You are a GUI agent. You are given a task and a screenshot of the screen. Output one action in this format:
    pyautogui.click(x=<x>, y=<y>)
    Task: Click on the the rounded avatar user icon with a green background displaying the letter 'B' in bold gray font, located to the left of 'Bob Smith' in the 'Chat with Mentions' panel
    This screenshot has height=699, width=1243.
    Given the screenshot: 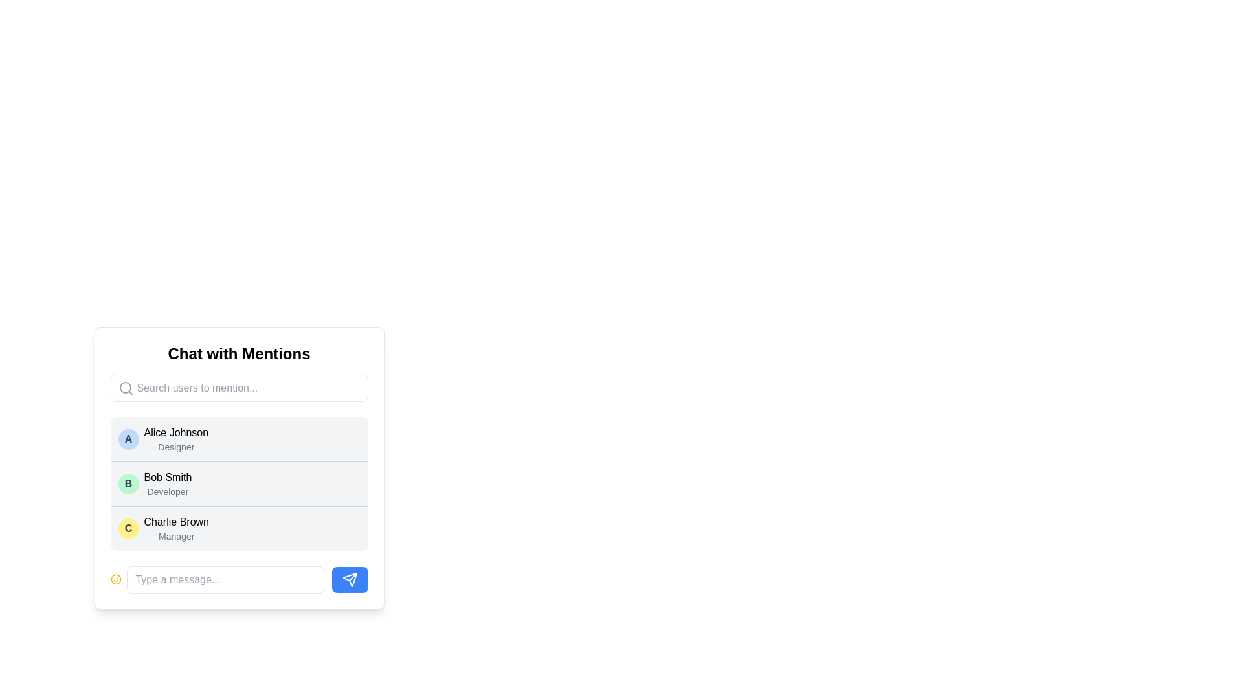 What is the action you would take?
    pyautogui.click(x=128, y=484)
    